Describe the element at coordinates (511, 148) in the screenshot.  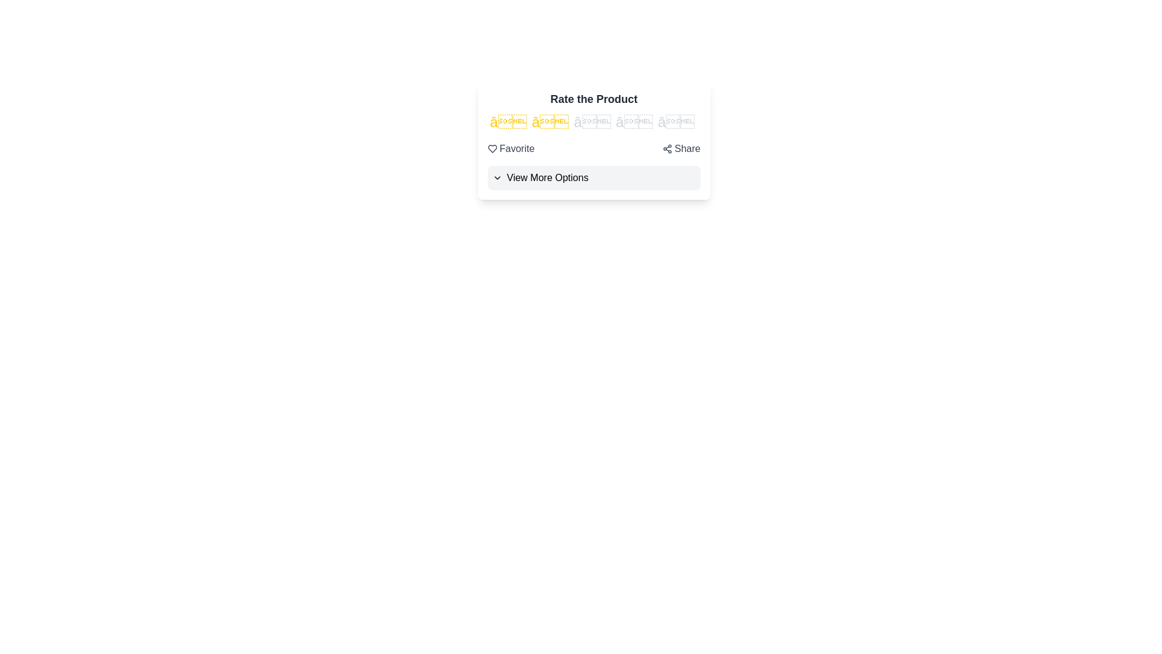
I see `the 'Favorite' button` at that location.